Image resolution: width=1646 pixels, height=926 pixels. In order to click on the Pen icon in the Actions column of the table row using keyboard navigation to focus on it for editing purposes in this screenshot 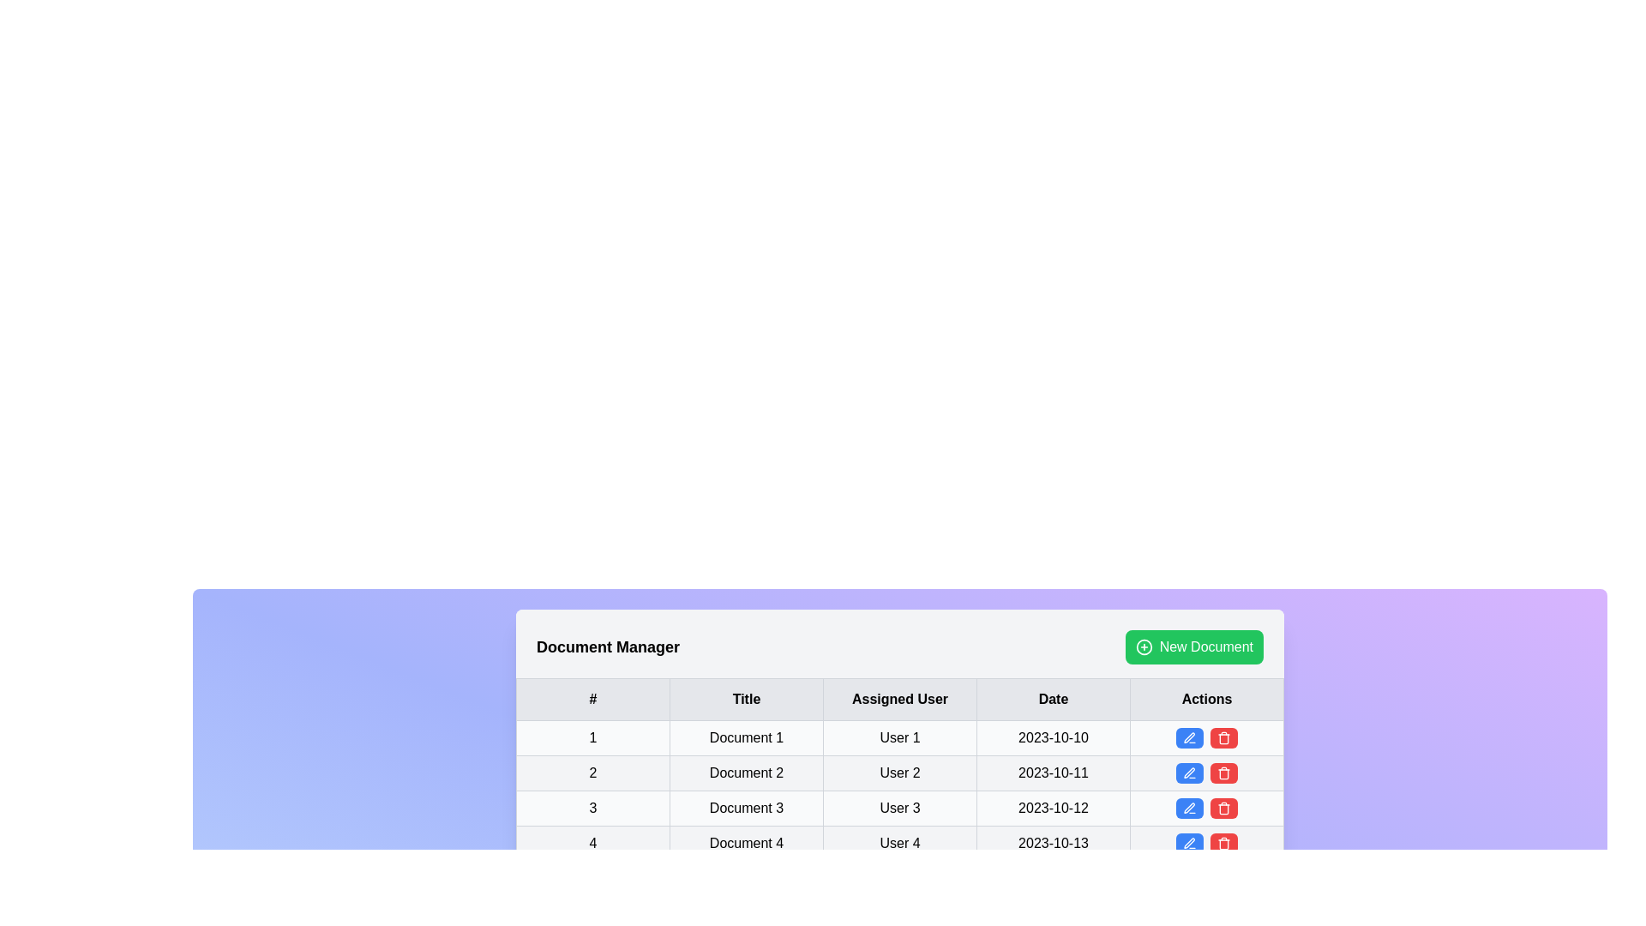, I will do `click(1188, 737)`.